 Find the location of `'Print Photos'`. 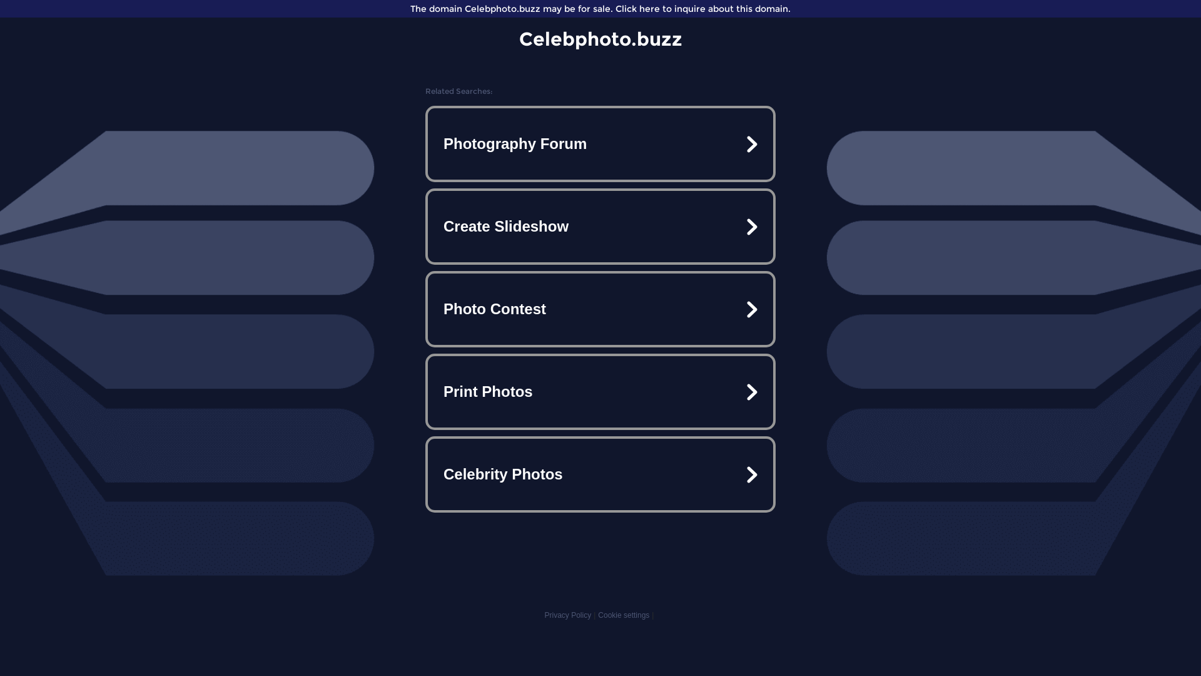

'Print Photos' is located at coordinates (600, 391).